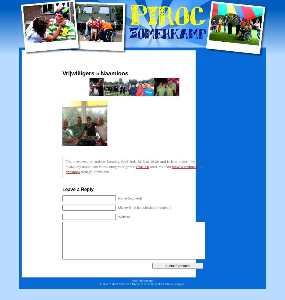 This screenshot has width=285, height=300. What do you see at coordinates (73, 171) in the screenshot?
I see `'trackback'` at bounding box center [73, 171].